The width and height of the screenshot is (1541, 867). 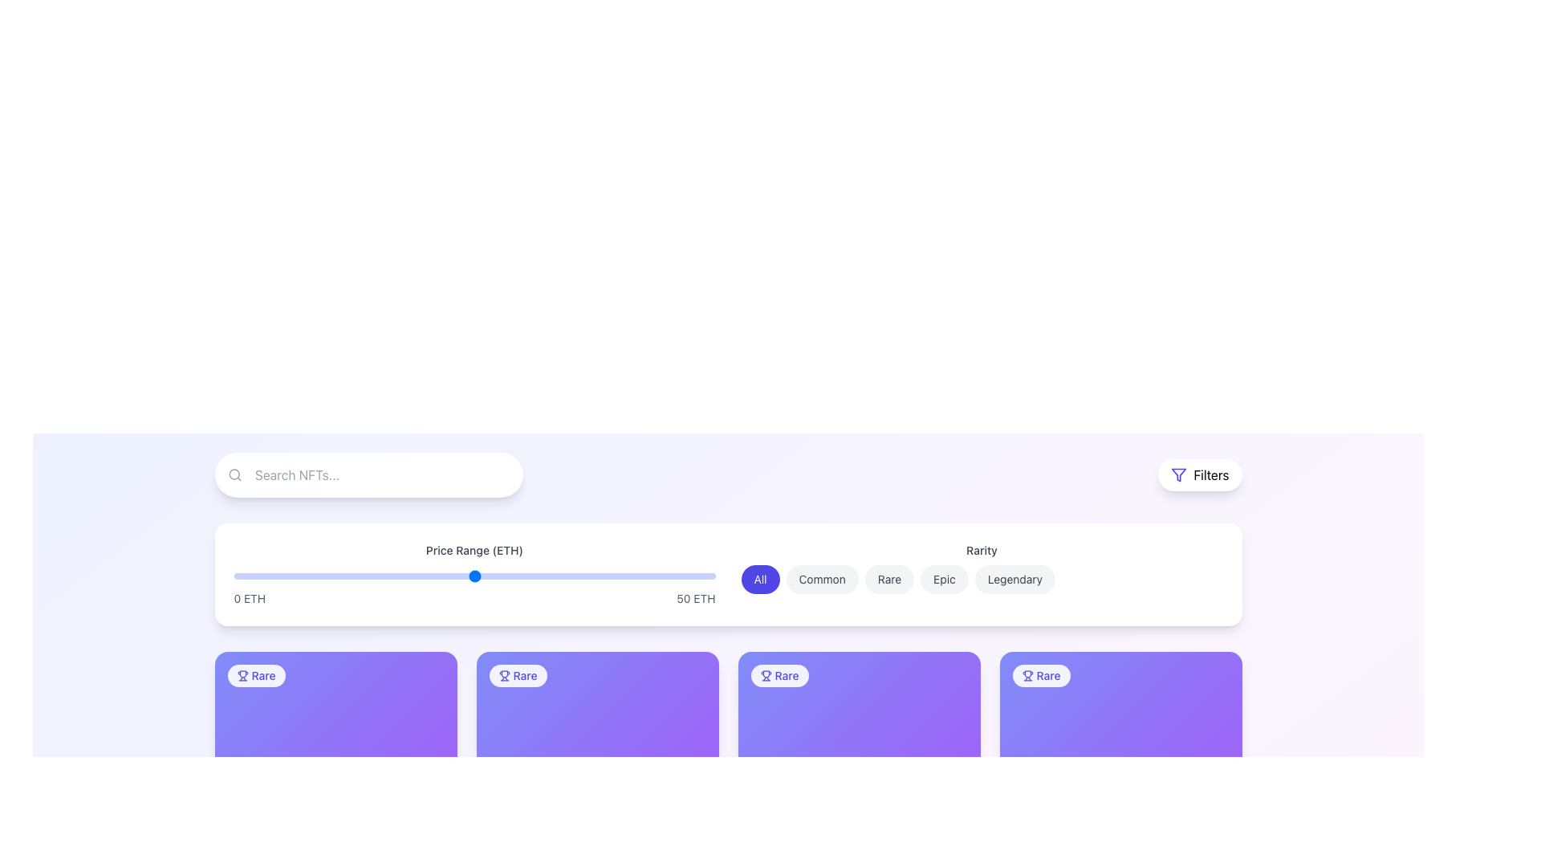 I want to click on the 'Rare' filter button, which is the third item in a group of five badges located centrally in the top section of the page, near the 'Rarity' label, so click(x=888, y=579).